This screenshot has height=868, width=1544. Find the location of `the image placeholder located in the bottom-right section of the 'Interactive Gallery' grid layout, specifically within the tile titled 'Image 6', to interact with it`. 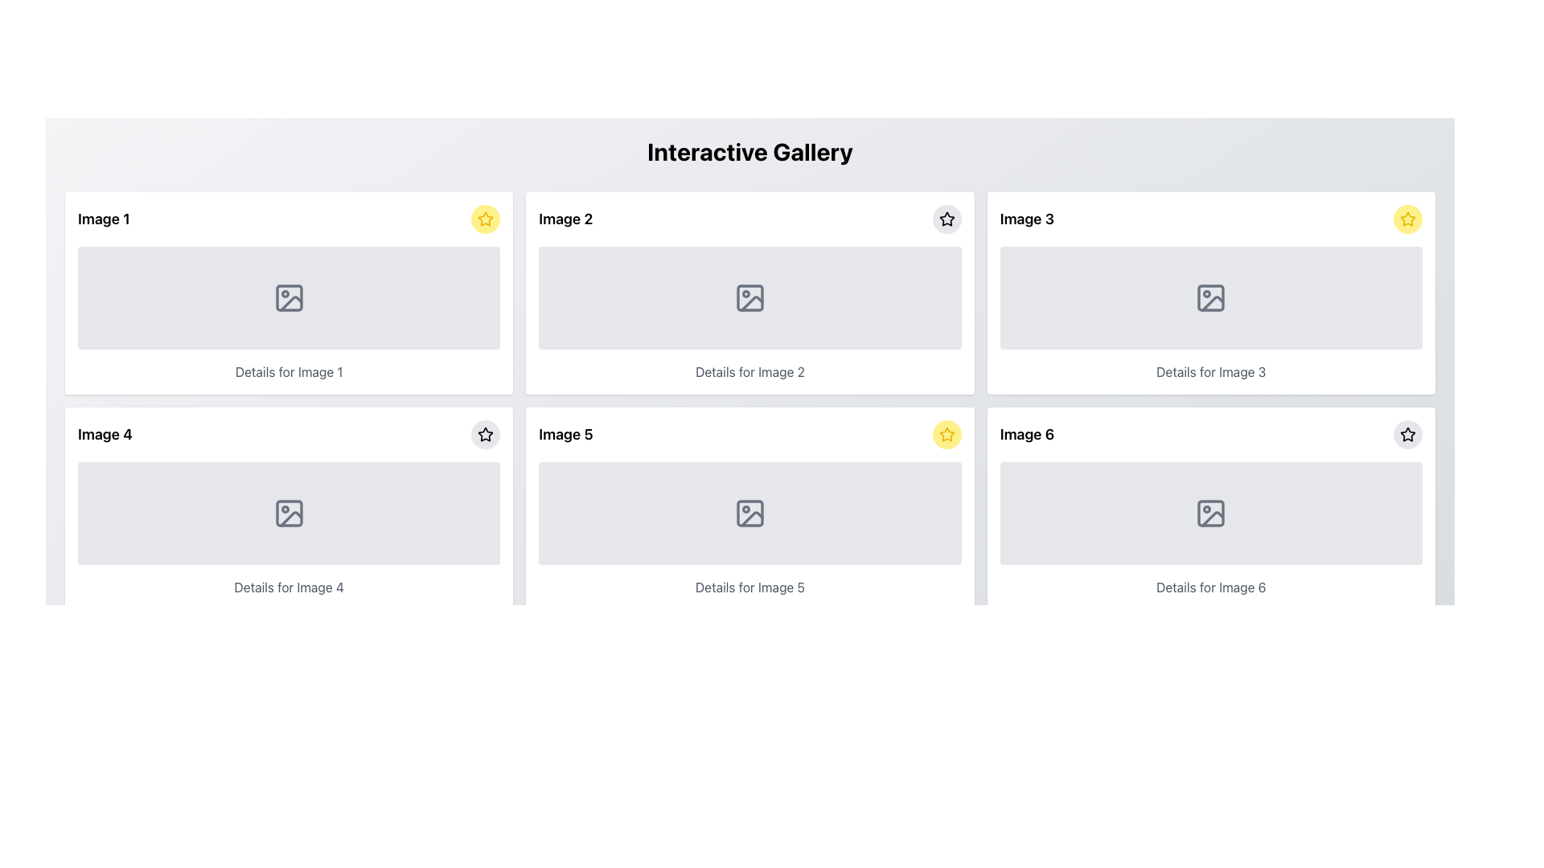

the image placeholder located in the bottom-right section of the 'Interactive Gallery' grid layout, specifically within the tile titled 'Image 6', to interact with it is located at coordinates (1211, 514).